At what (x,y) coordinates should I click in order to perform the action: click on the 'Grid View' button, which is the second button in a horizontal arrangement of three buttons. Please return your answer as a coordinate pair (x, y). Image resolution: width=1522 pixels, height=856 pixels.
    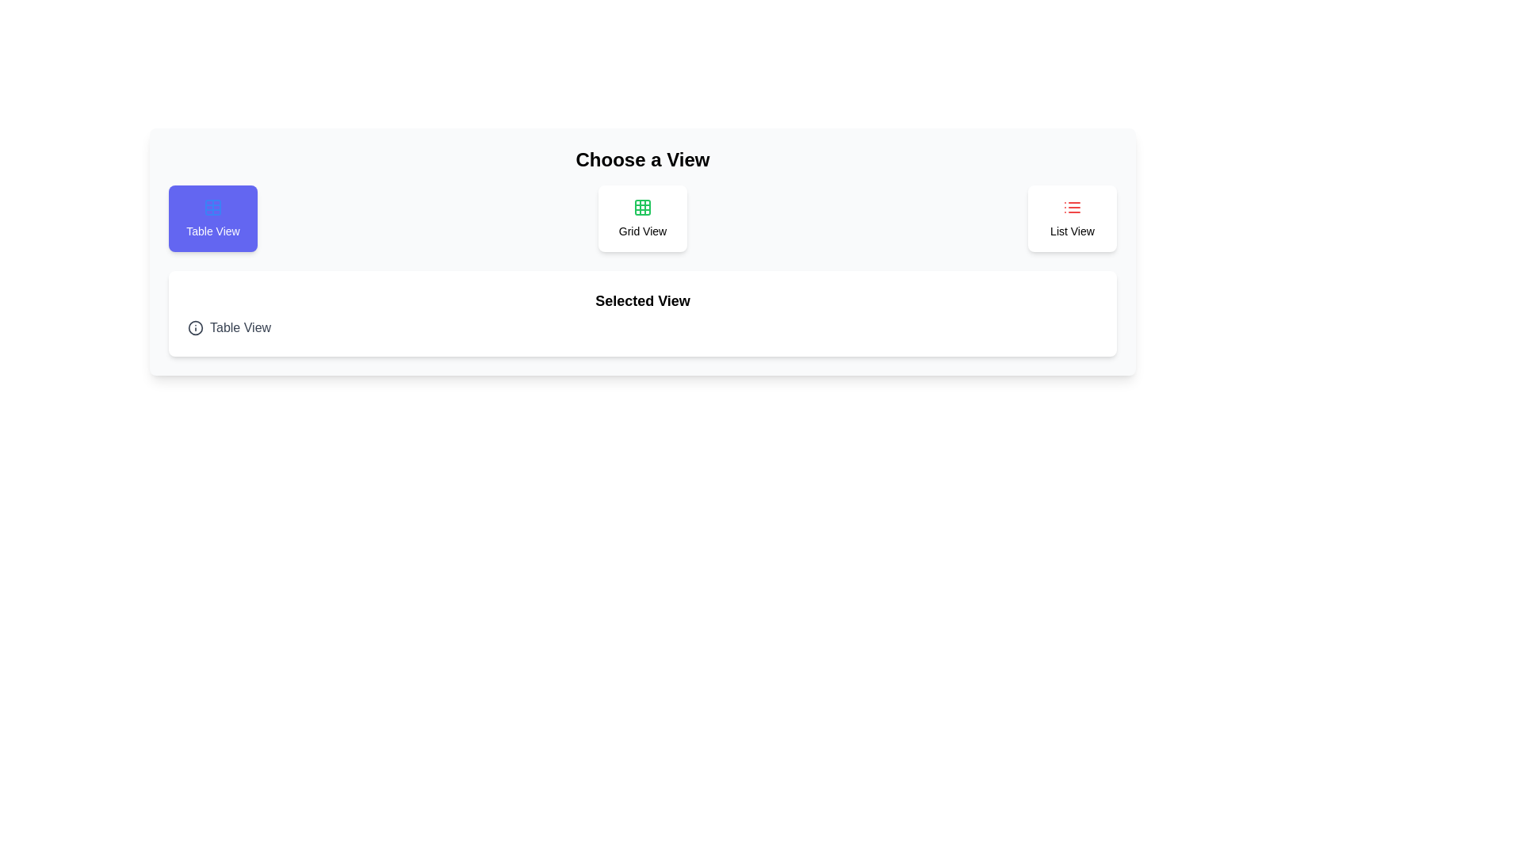
    Looking at the image, I should click on (643, 219).